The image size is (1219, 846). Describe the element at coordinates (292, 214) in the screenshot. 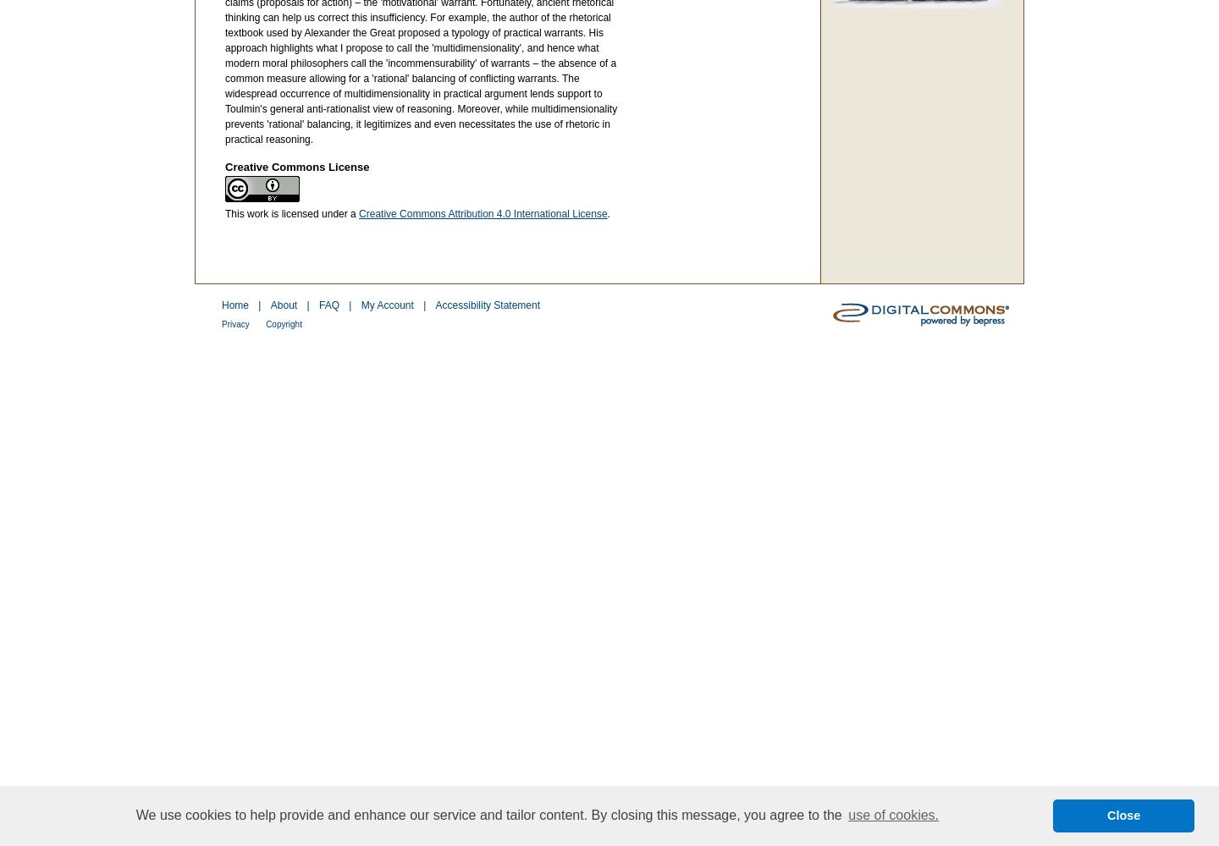

I see `'This work is licensed under a'` at that location.